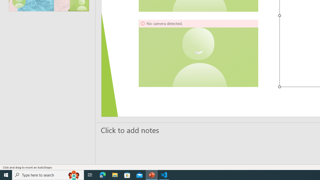 Image resolution: width=320 pixels, height=180 pixels. What do you see at coordinates (198, 53) in the screenshot?
I see `'Camera 5, No camera detected.'` at bounding box center [198, 53].